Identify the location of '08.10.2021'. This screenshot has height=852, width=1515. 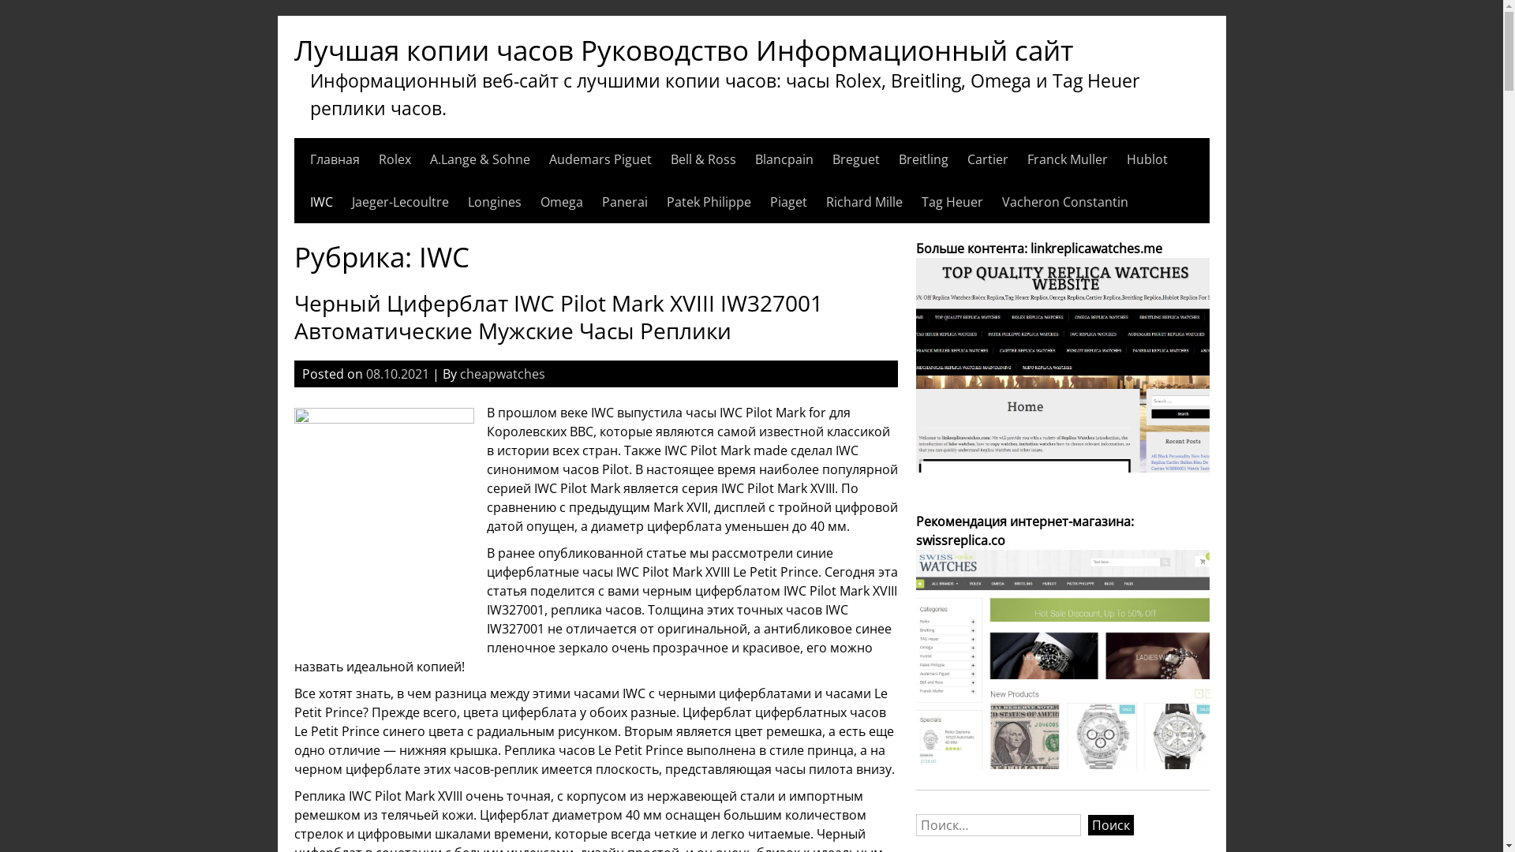
(398, 374).